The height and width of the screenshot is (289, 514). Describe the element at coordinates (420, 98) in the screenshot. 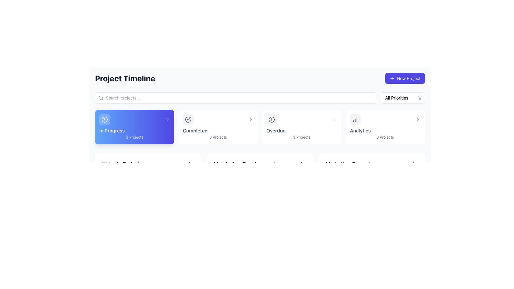

I see `the stylized filter icon located in the header bar towards the top-right corner, next to the 'All Priorities' dropdown button` at that location.